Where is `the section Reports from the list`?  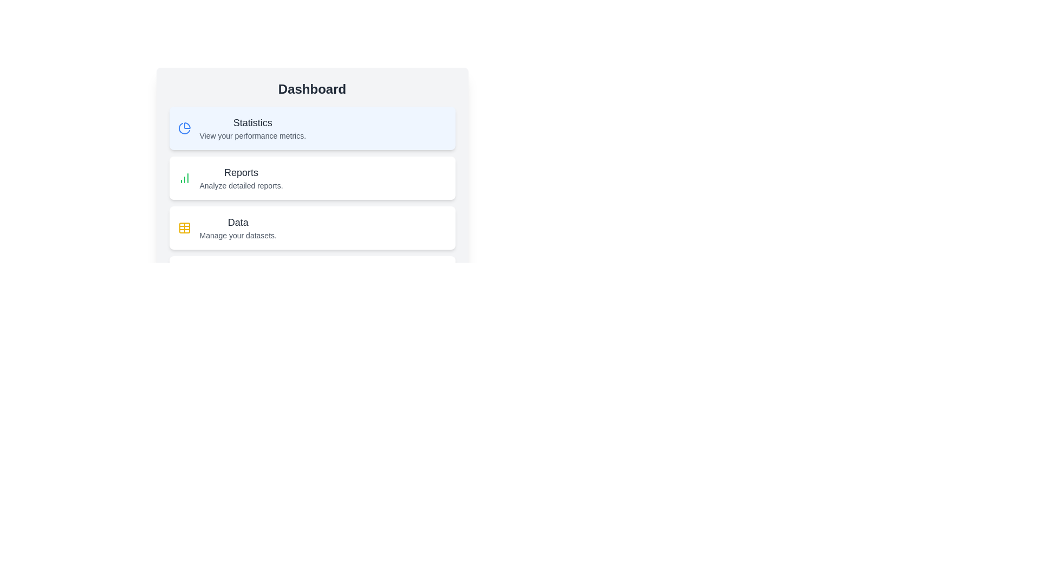
the section Reports from the list is located at coordinates (311, 177).